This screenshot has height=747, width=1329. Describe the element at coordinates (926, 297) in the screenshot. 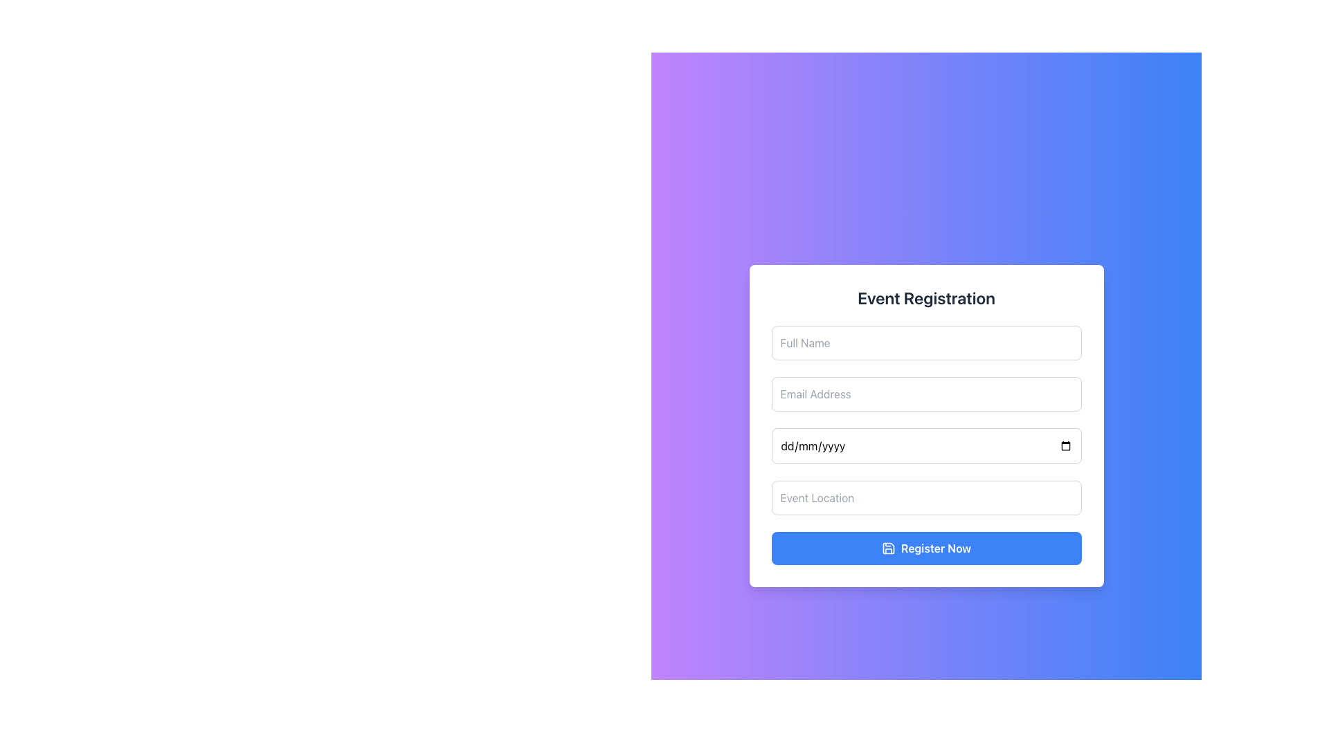

I see `the title text element that serves as the heading for the registration form, located at the top of a white rectangular box with rounded corners` at that location.